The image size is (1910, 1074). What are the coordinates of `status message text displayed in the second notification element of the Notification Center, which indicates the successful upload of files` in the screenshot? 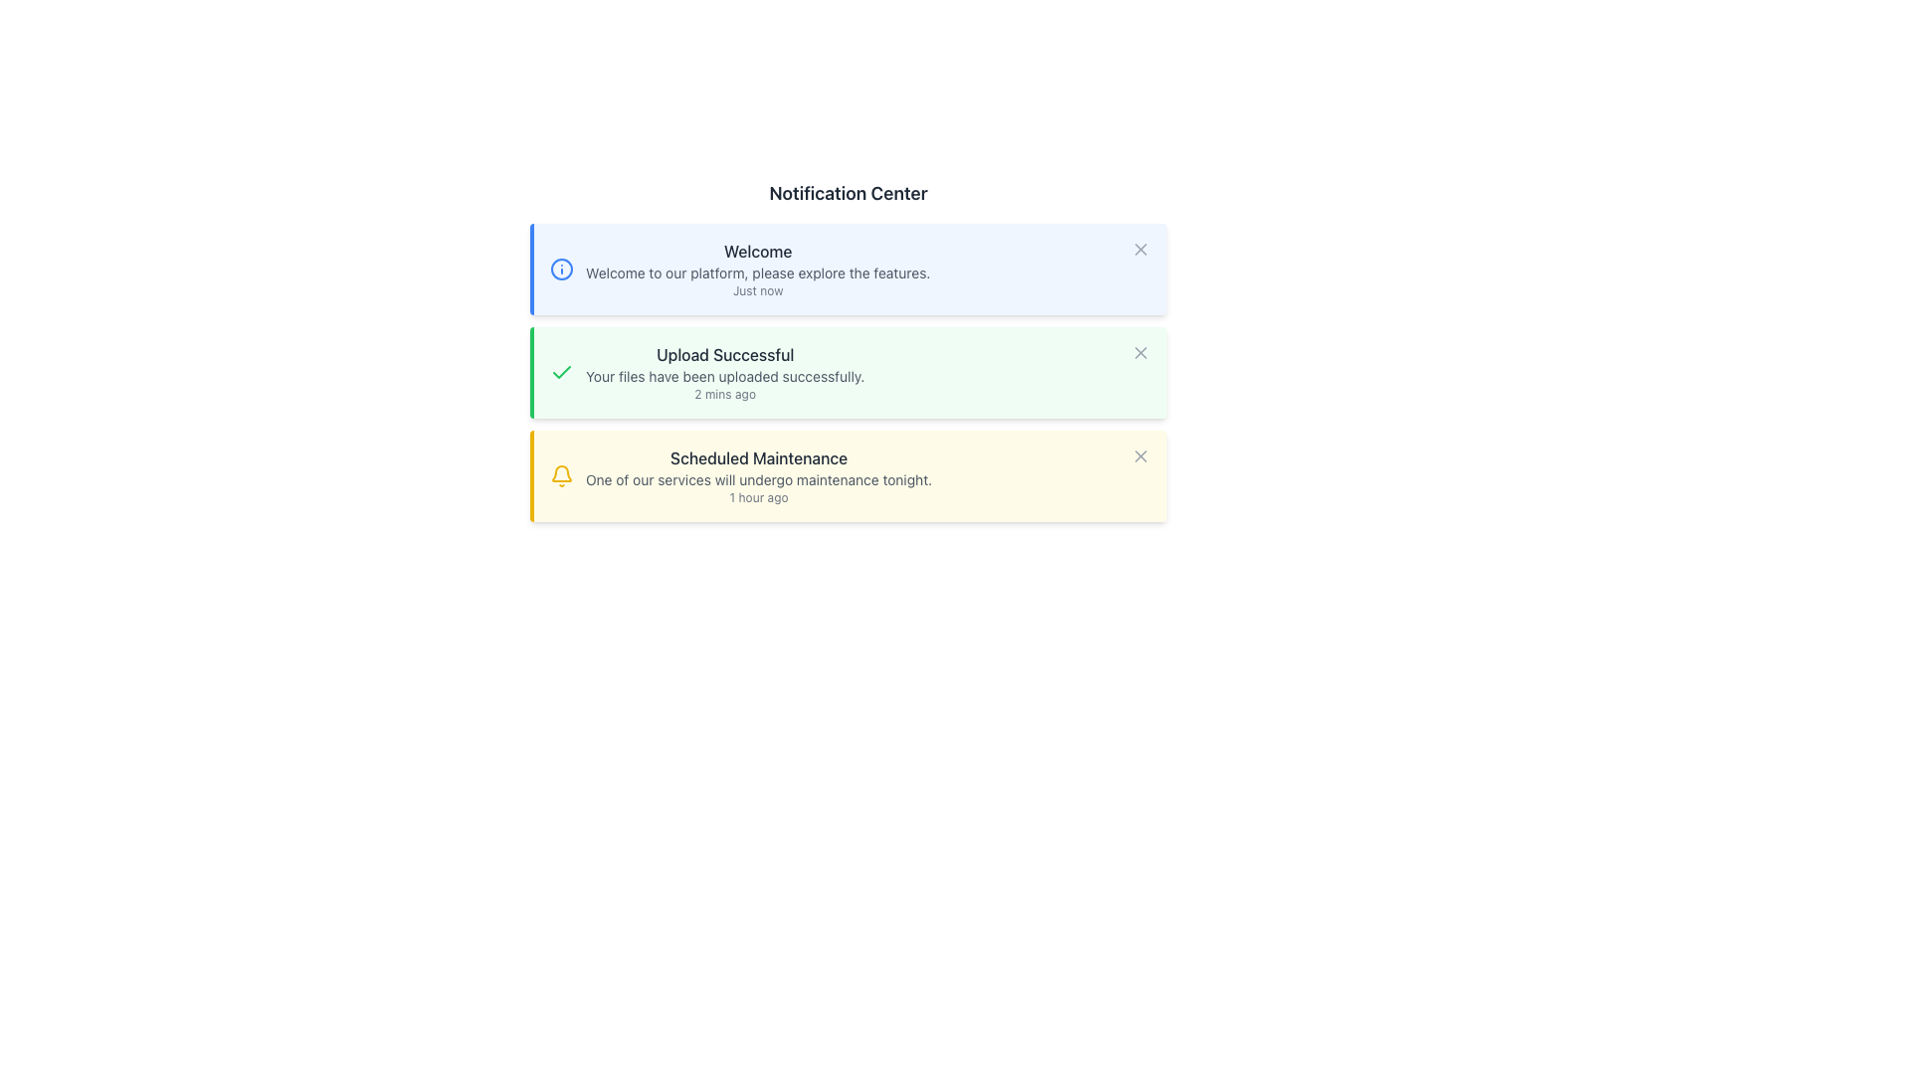 It's located at (724, 376).